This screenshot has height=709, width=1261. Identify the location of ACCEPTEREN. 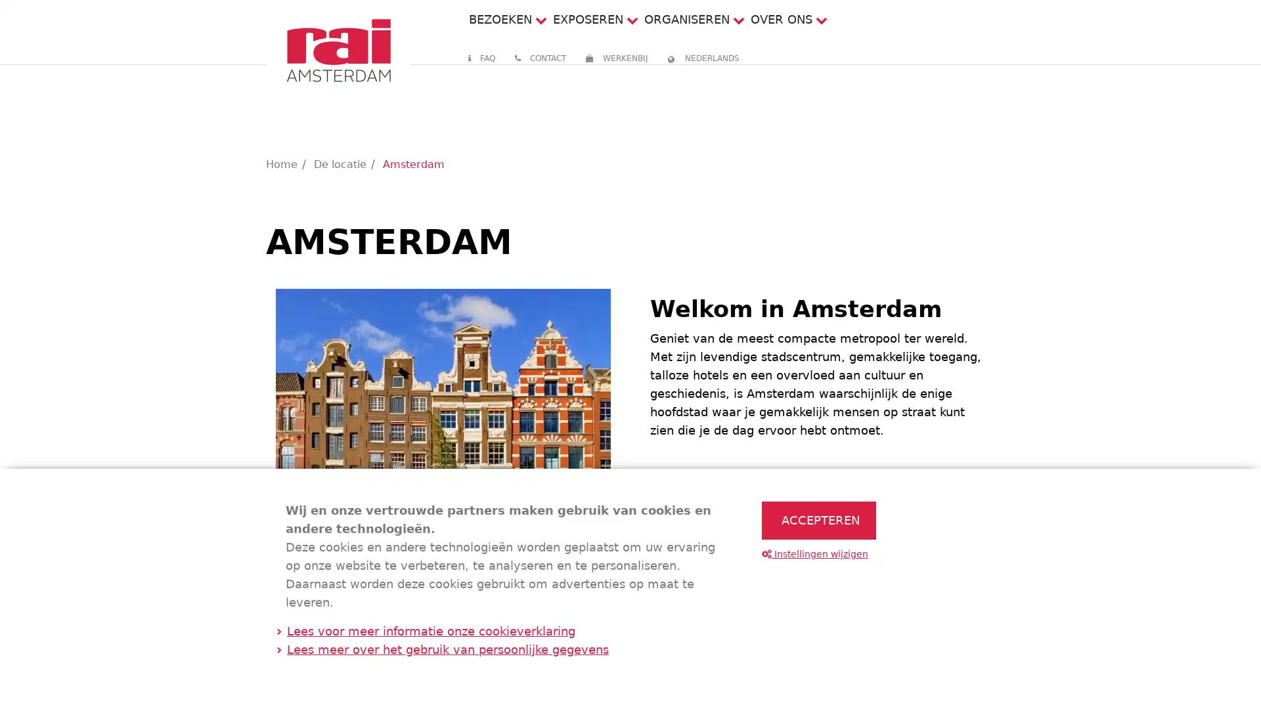
(818, 520).